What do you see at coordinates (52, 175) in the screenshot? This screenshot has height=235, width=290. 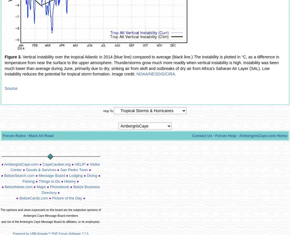 I see `'Message Board'` at bounding box center [52, 175].